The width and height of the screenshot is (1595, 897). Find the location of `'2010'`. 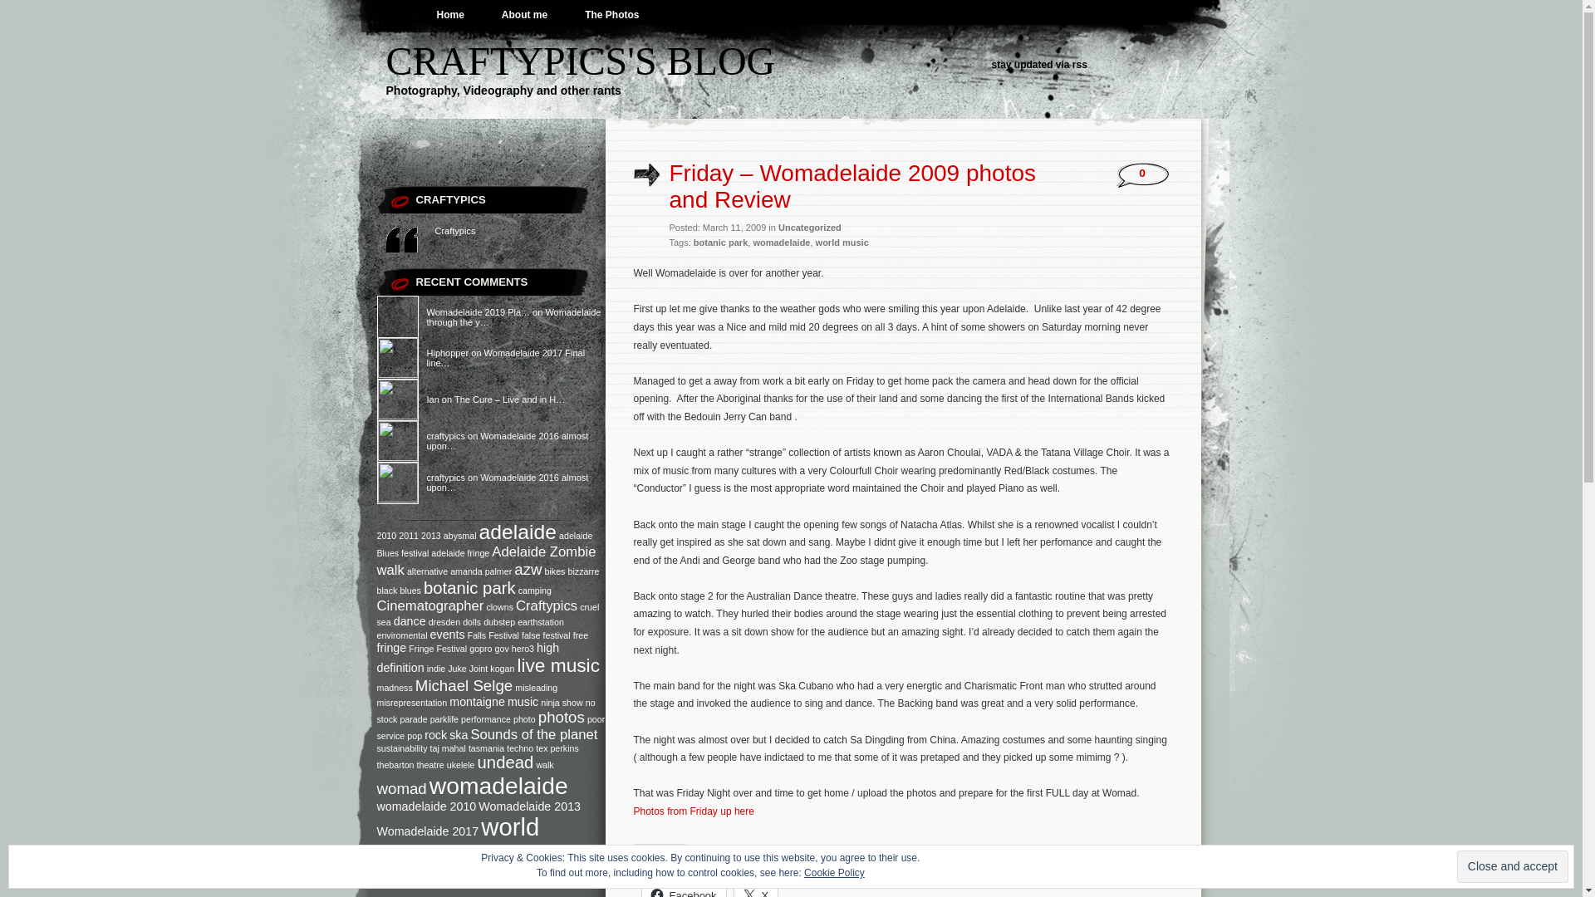

'2010' is located at coordinates (385, 535).